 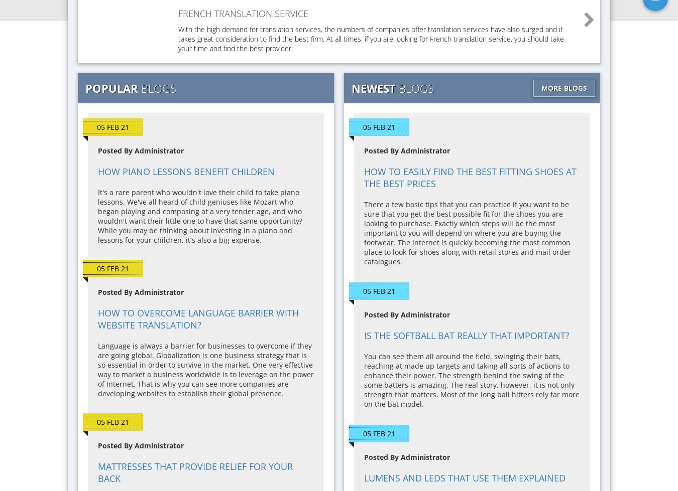 I want to click on 'French Translation Service', so click(x=243, y=14).